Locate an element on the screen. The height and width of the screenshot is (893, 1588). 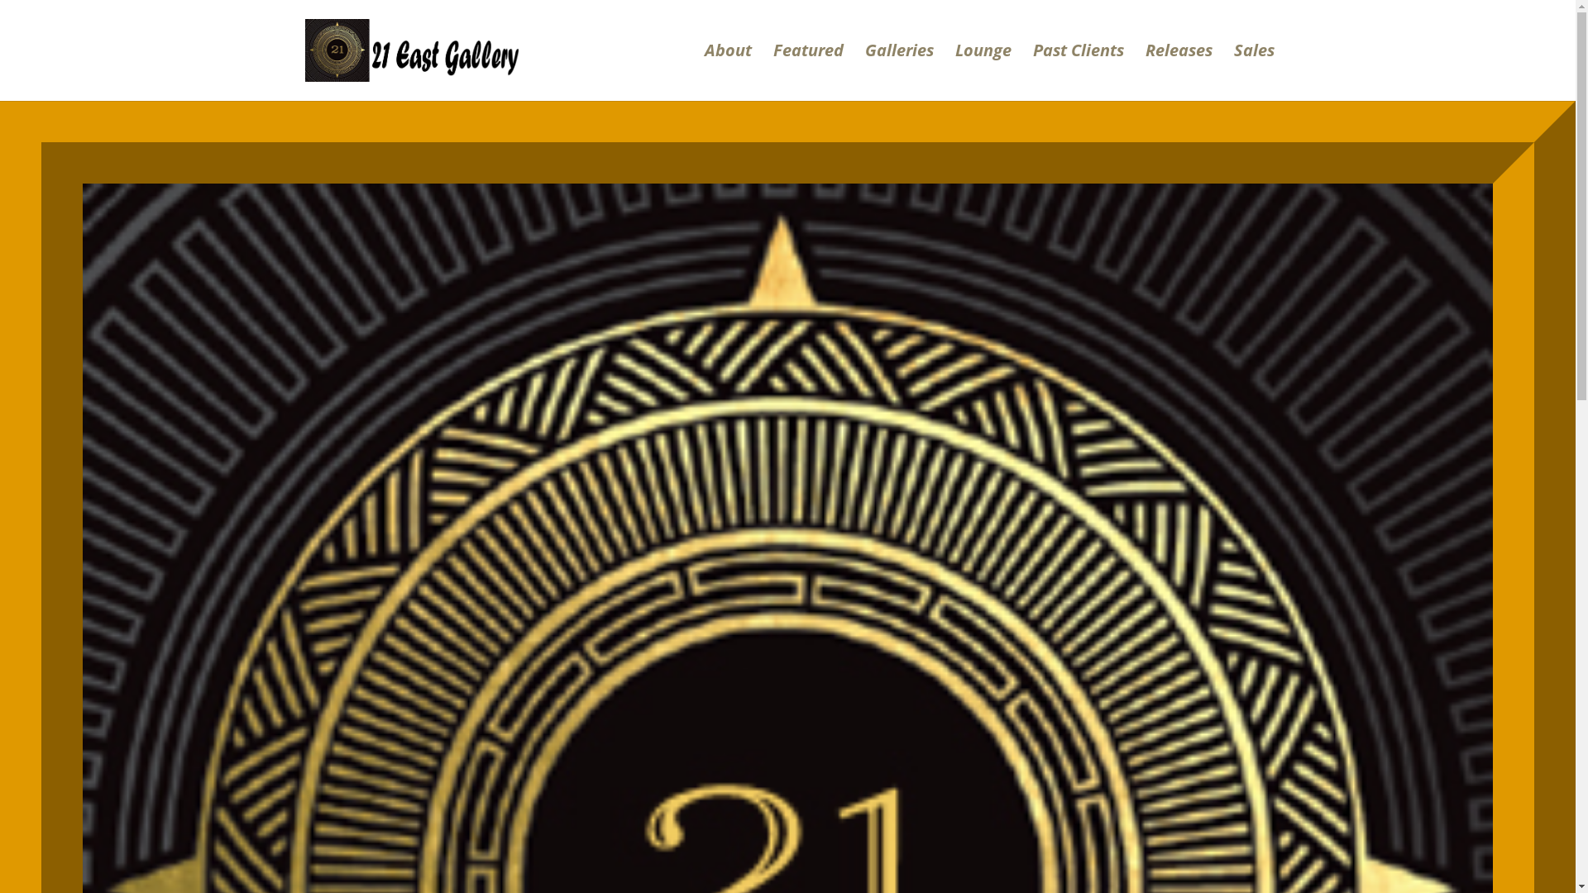
'Lounge' is located at coordinates (954, 72).